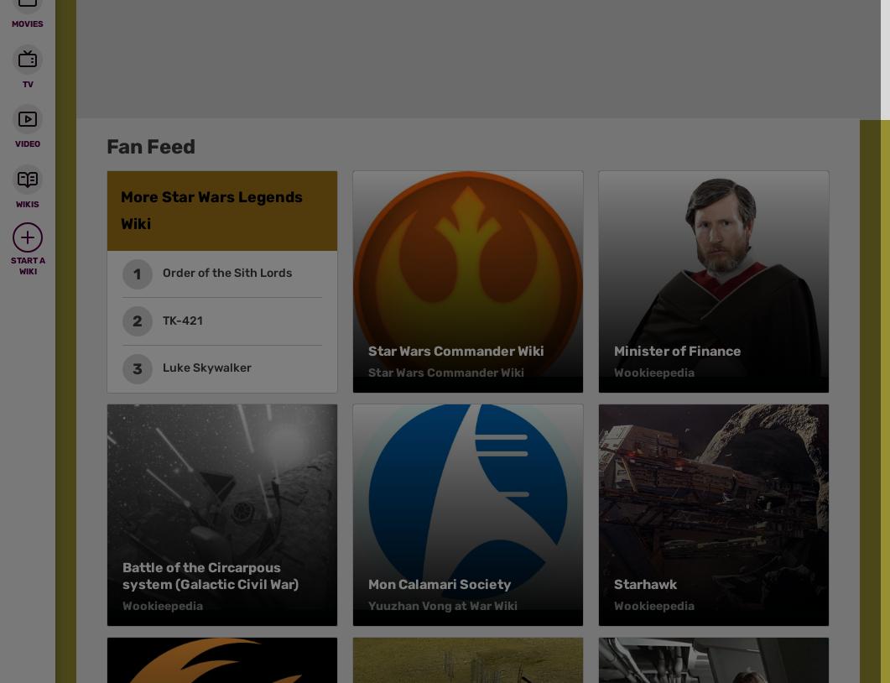  I want to click on 'Help', so click(487, 61).